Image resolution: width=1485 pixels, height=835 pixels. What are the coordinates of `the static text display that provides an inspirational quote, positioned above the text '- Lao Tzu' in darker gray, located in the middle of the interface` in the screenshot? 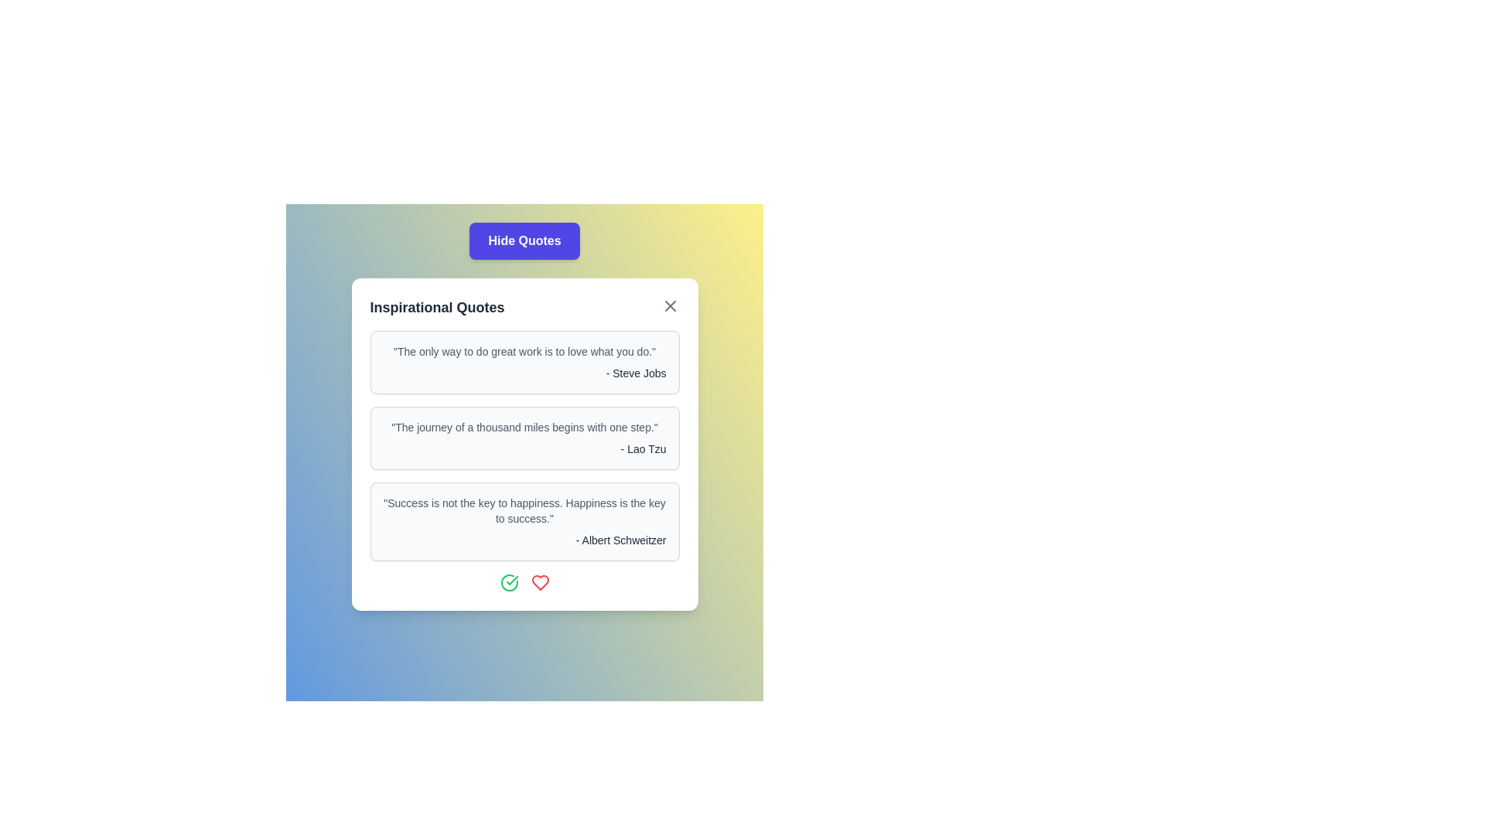 It's located at (524, 427).